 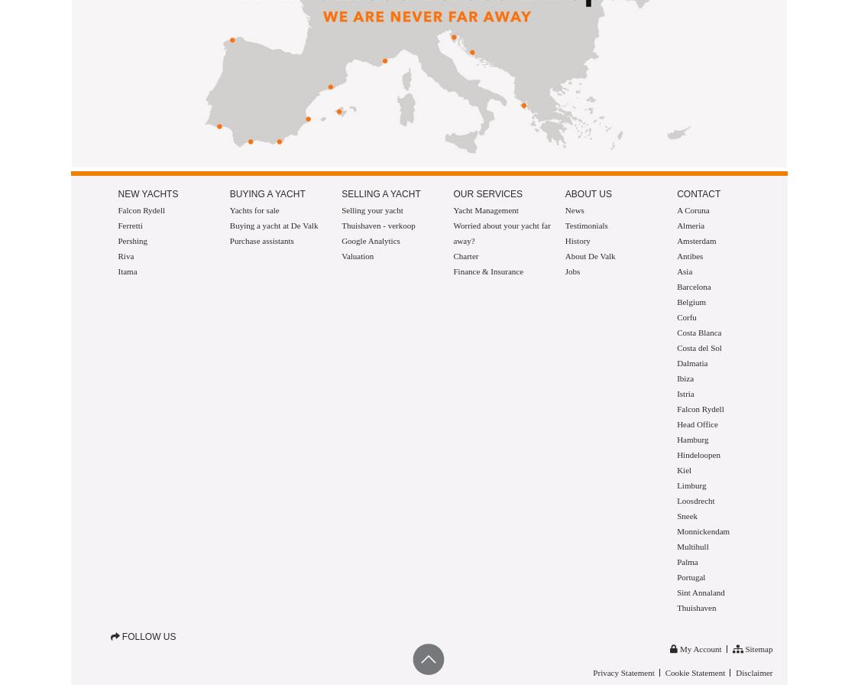 What do you see at coordinates (676, 576) in the screenshot?
I see `'Portugal'` at bounding box center [676, 576].